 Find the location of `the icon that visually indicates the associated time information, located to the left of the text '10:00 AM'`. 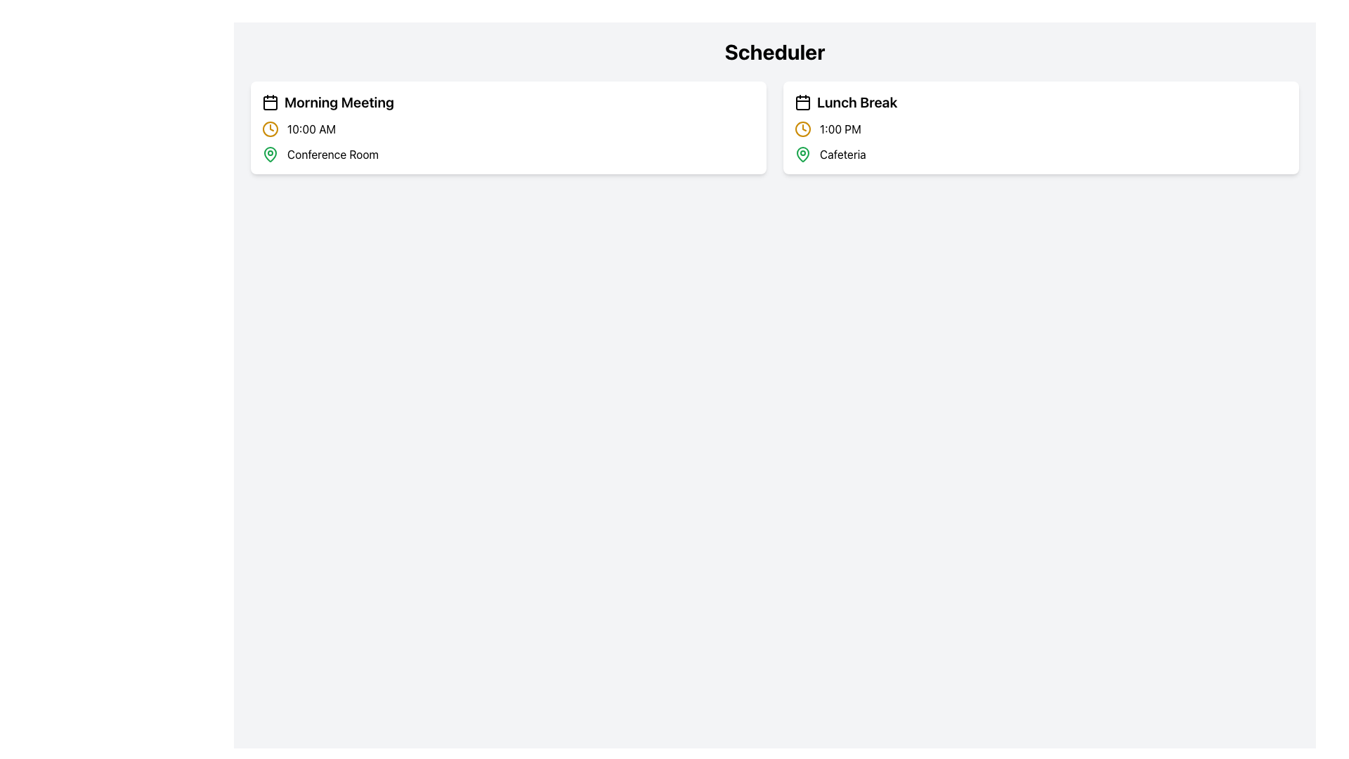

the icon that visually indicates the associated time information, located to the left of the text '10:00 AM' is located at coordinates (270, 129).